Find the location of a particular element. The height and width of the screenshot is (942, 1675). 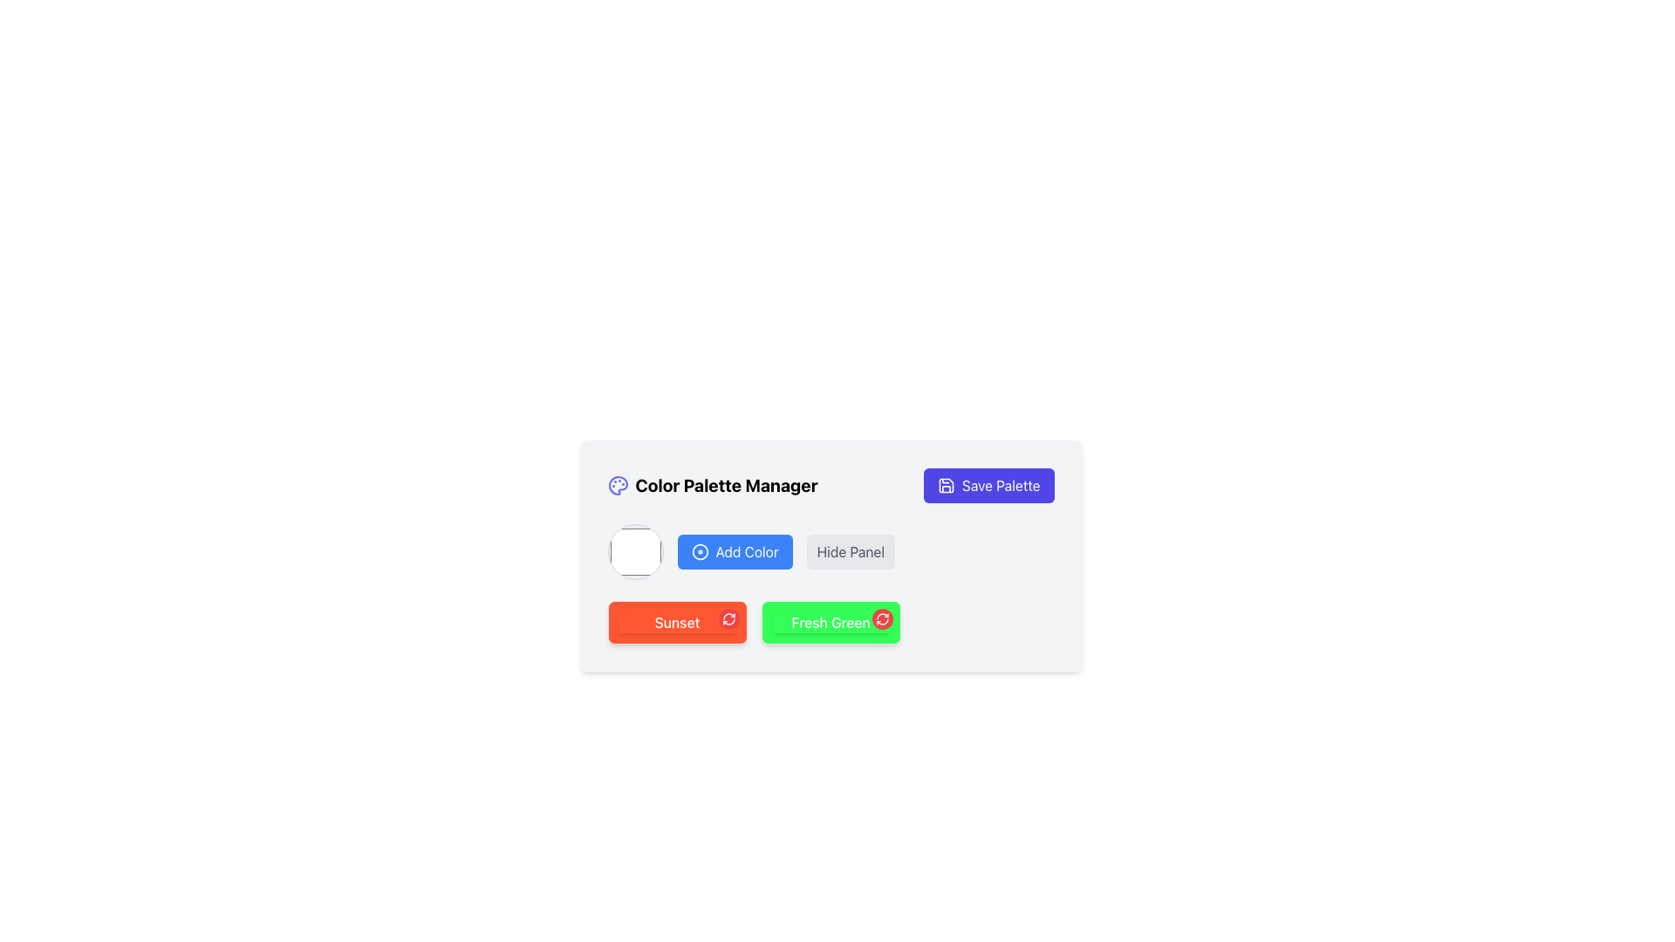

the 'Hide Panel' button which is a rectangular button with a gray background and rounded corners, located to the right of the 'Add Color' button is located at coordinates (851, 551).